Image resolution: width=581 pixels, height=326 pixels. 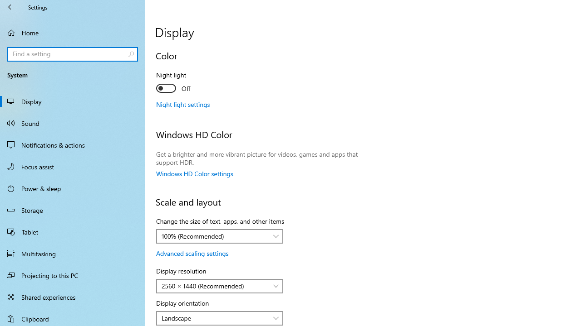 What do you see at coordinates (73, 123) in the screenshot?
I see `'Sound'` at bounding box center [73, 123].